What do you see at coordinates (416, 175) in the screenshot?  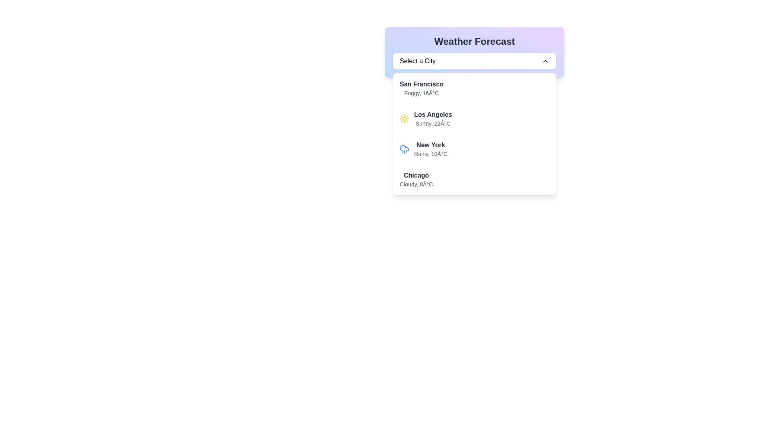 I see `the text label indicating the city name 'Chicago' which is located below the heading 'Weather Forecast' in the vertical list of cities` at bounding box center [416, 175].